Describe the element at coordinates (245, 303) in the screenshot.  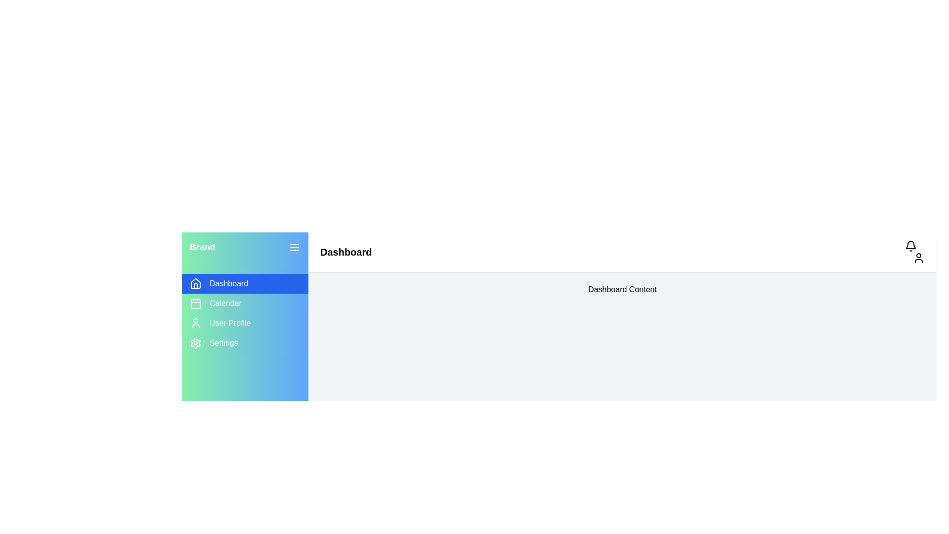
I see `the 'Calendar' menu item, which is the second item in the vertical navigation menu located on the left side of the interface, positioned between 'Dashboard' and 'User Profile'` at that location.